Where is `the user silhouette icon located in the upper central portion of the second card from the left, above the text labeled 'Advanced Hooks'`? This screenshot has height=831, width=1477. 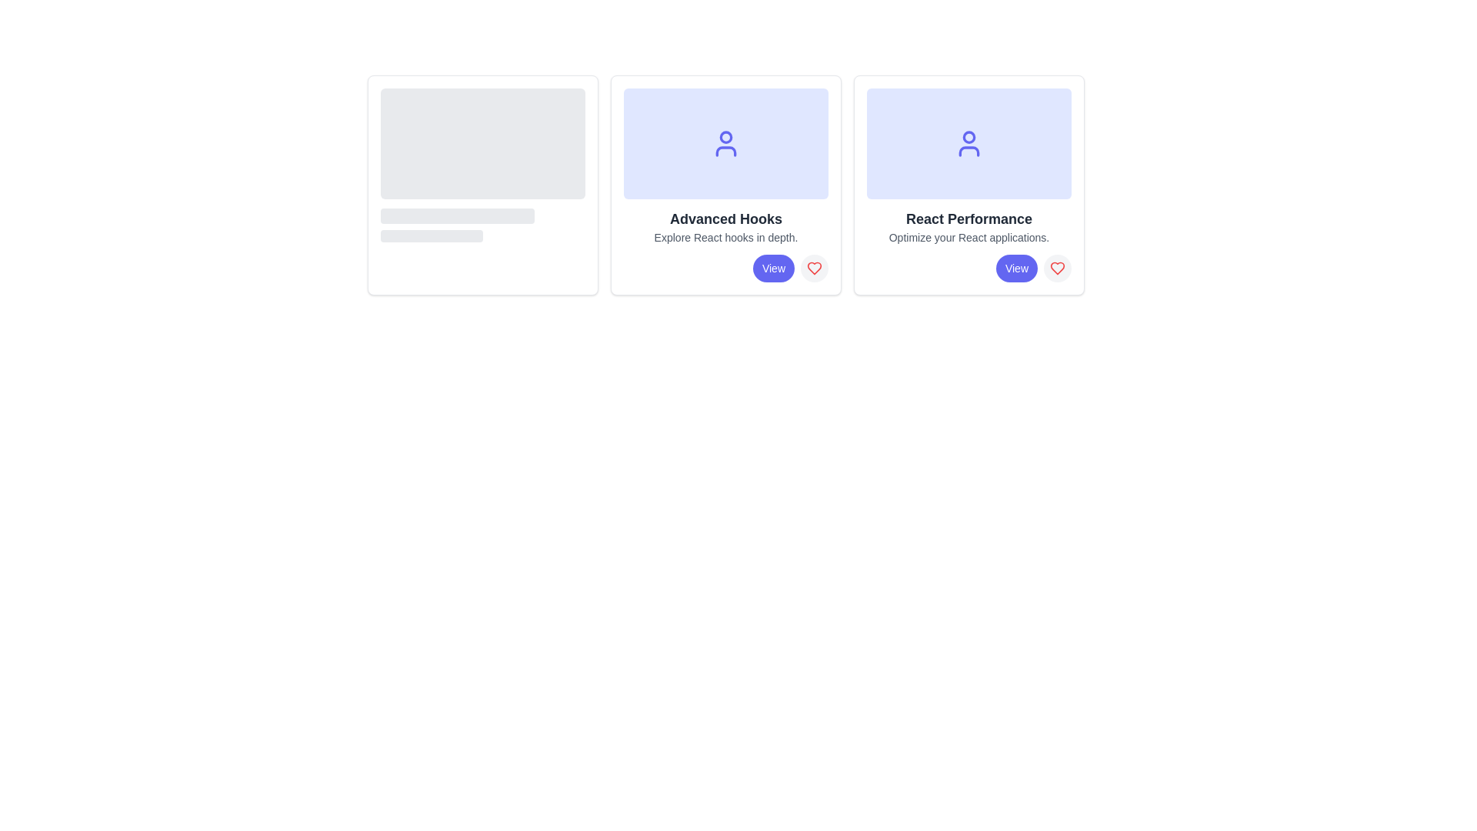 the user silhouette icon located in the upper central portion of the second card from the left, above the text labeled 'Advanced Hooks' is located at coordinates (725, 143).